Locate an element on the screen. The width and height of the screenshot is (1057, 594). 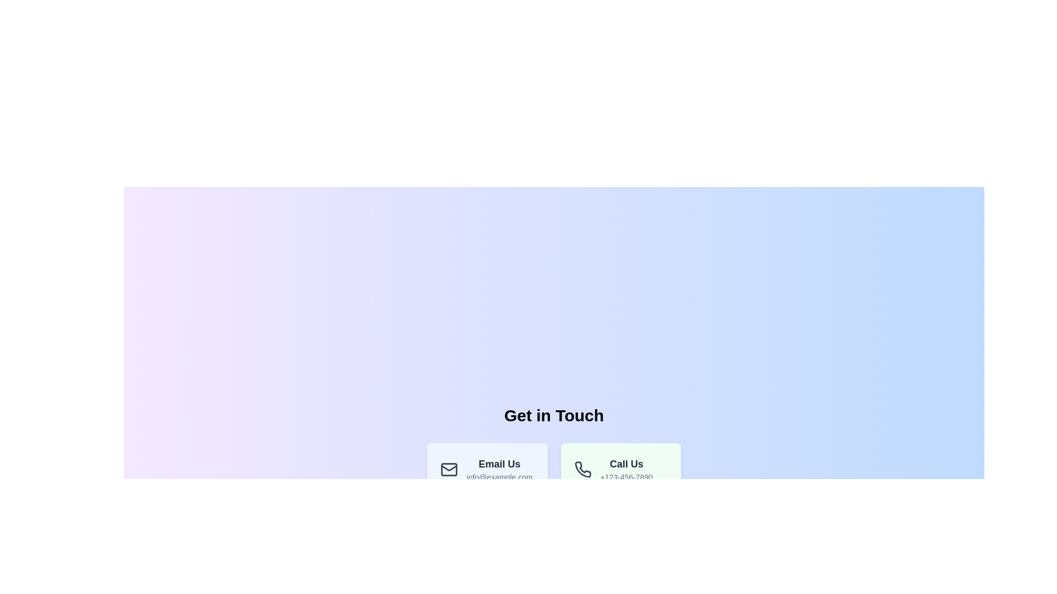
the email icon located in the lower left quadrant of the interface, beside the 'Call Us' section and below the 'Get in Touch' heading is located at coordinates (449, 468).